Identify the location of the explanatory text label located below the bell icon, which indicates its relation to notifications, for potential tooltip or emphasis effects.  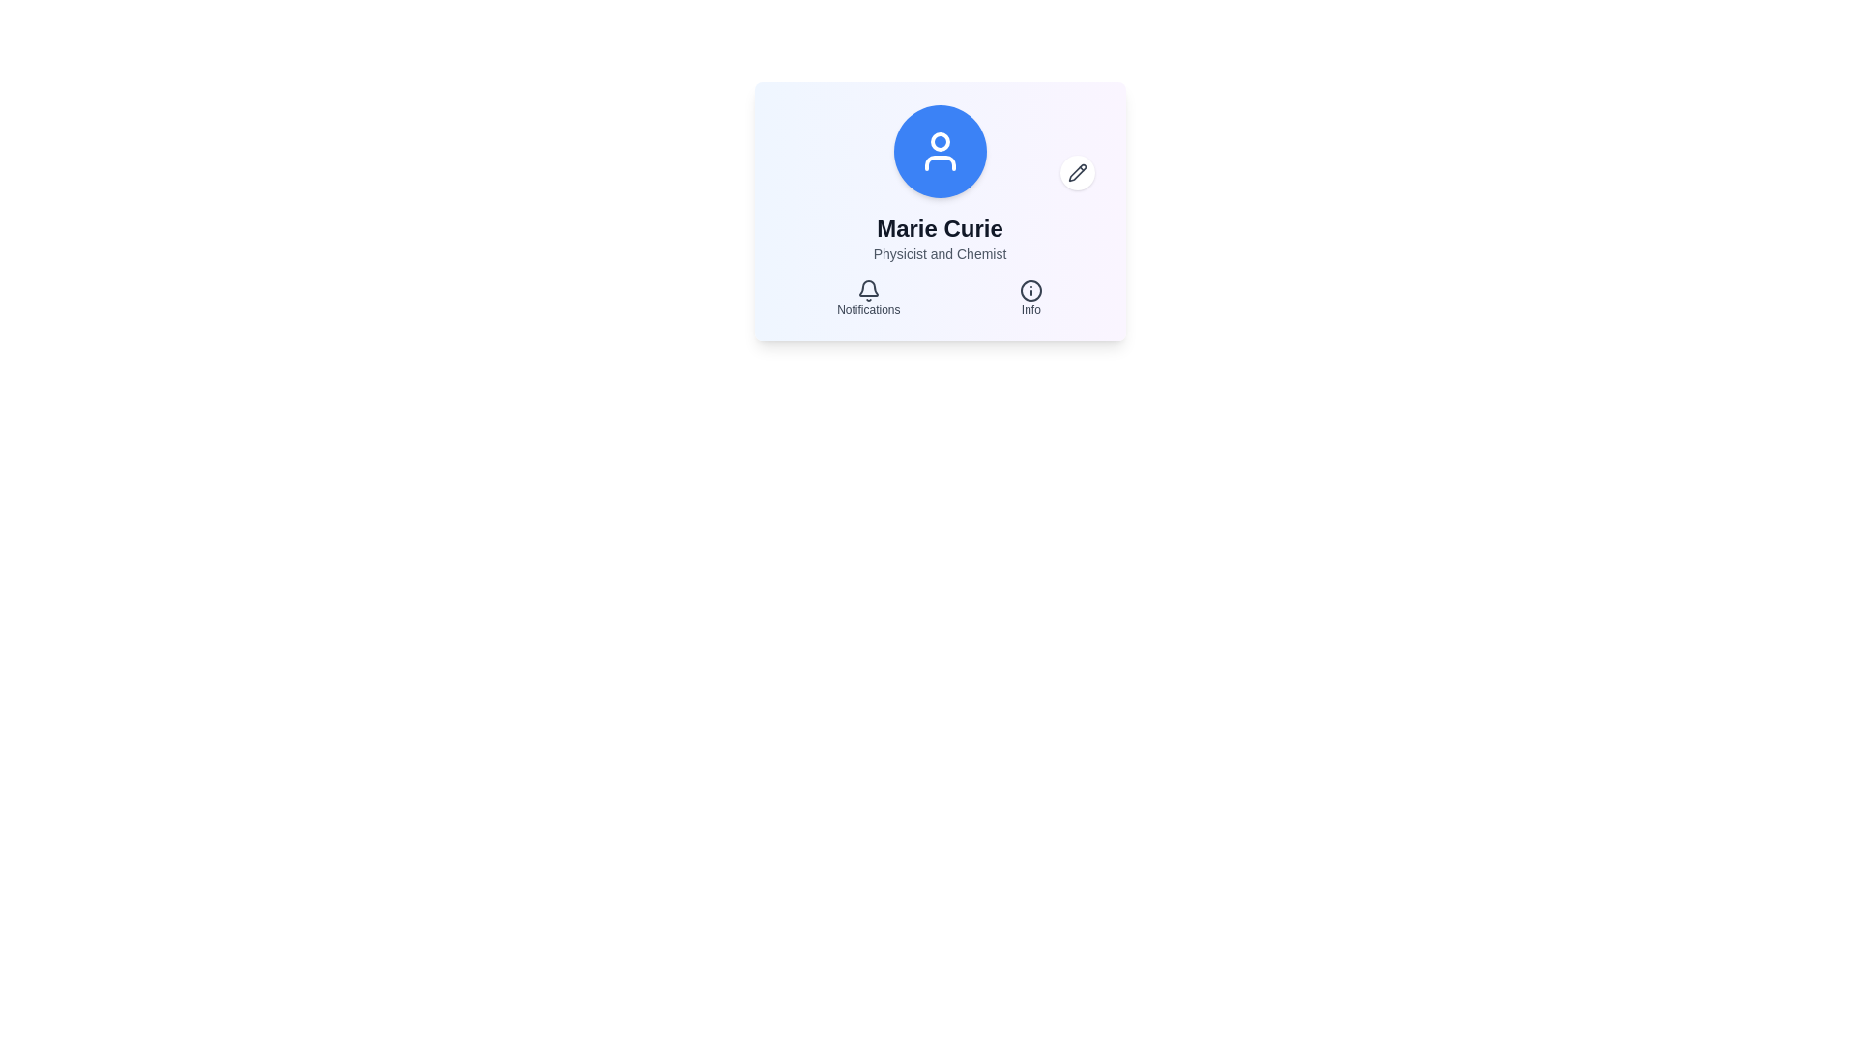
(867, 308).